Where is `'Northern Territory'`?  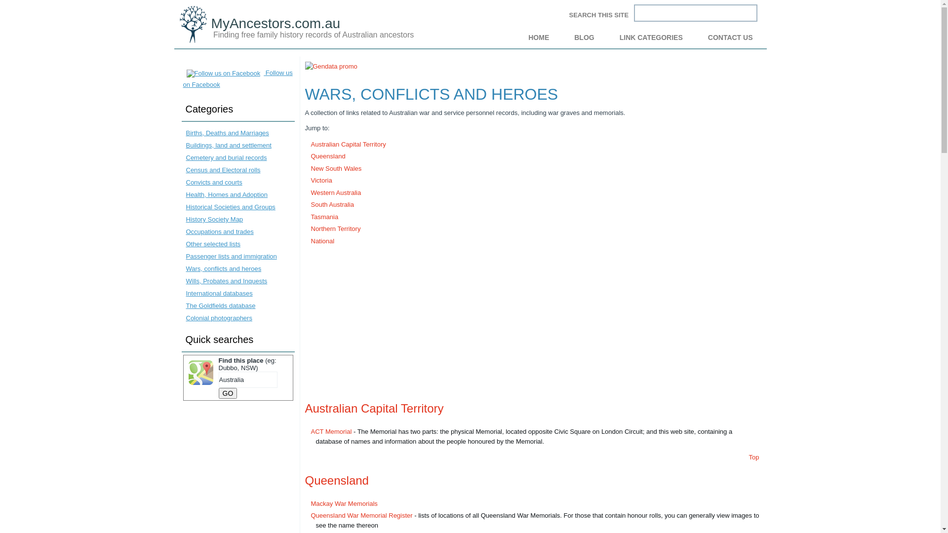 'Northern Territory' is located at coordinates (336, 228).